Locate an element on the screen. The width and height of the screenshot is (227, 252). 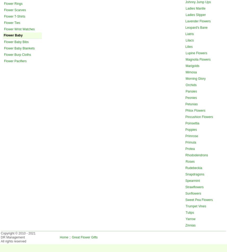
'Rudebeckia' is located at coordinates (185, 167).